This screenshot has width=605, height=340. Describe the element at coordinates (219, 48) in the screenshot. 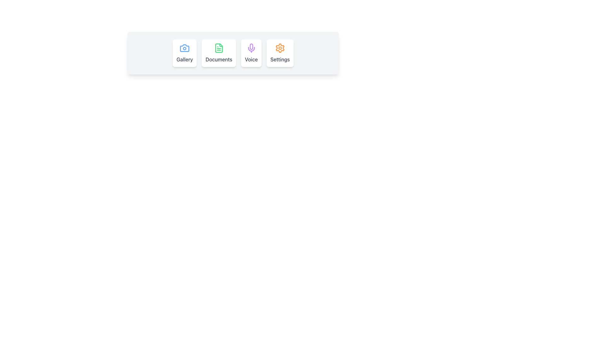

I see `icon resembling a document with a green outline, which is the second icon in the navigation row, labeled 'Documents'` at that location.